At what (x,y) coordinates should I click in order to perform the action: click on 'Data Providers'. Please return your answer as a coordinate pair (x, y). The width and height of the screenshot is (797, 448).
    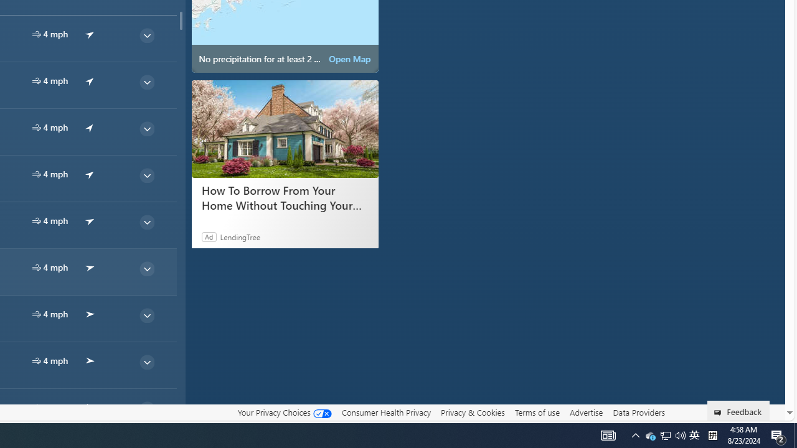
    Looking at the image, I should click on (638, 412).